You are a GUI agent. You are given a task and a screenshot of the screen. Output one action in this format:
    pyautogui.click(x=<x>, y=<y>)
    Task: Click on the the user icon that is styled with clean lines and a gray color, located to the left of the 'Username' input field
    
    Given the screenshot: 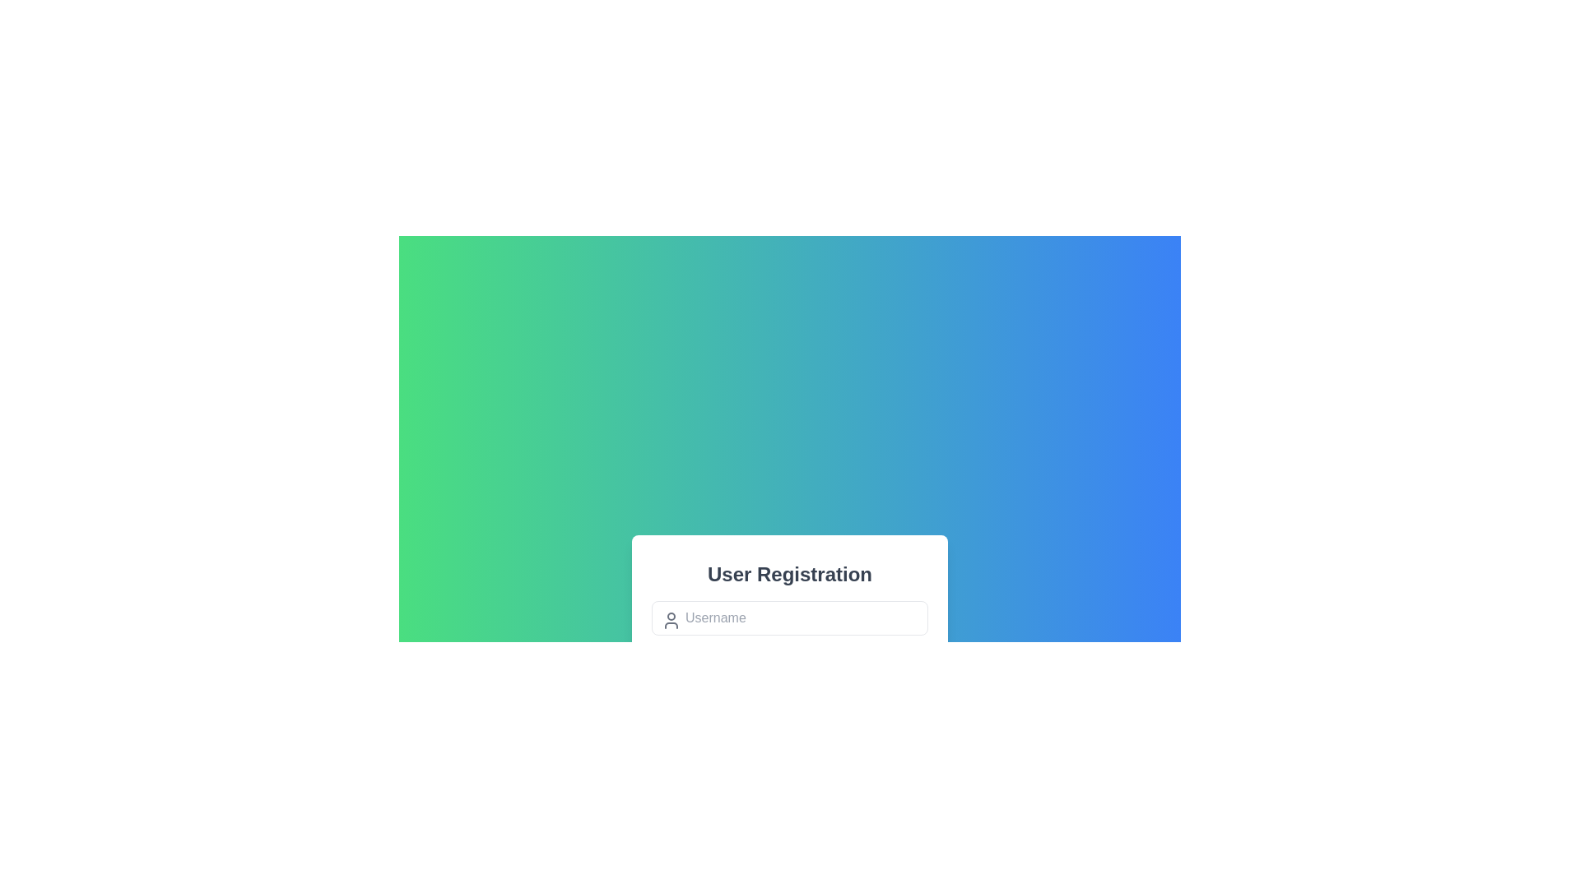 What is the action you would take?
    pyautogui.click(x=671, y=620)
    